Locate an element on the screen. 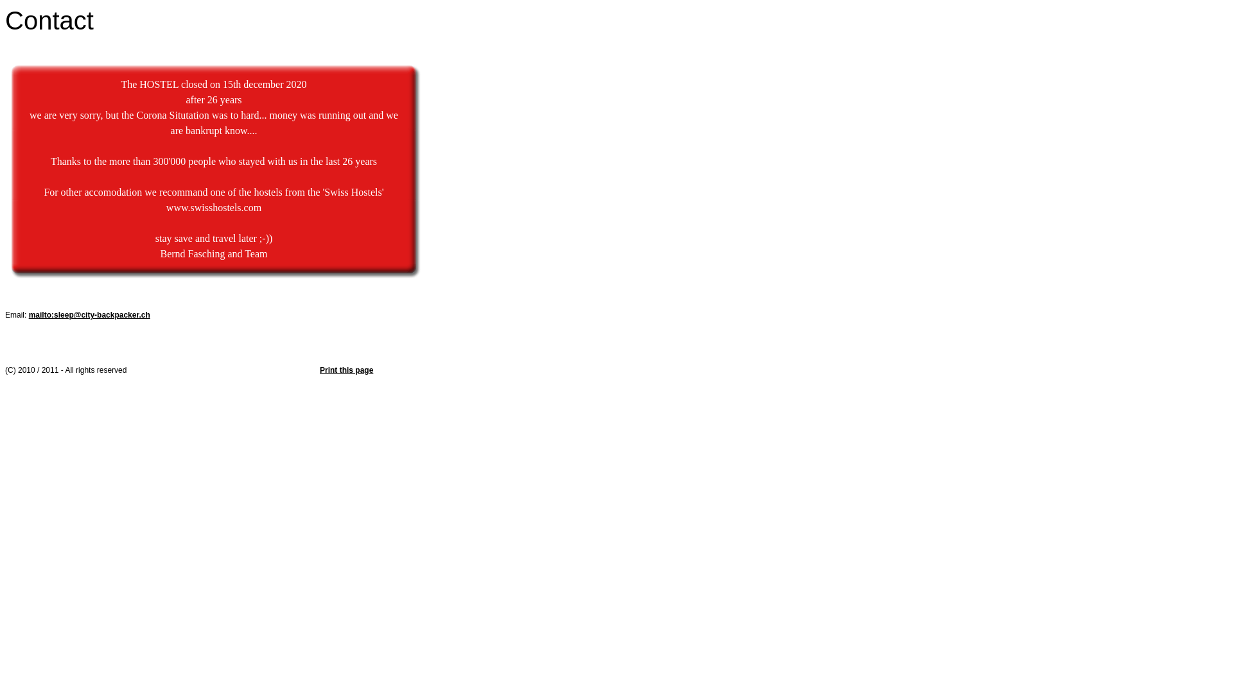 This screenshot has width=1233, height=693. 'Print this page' is located at coordinates (346, 370).